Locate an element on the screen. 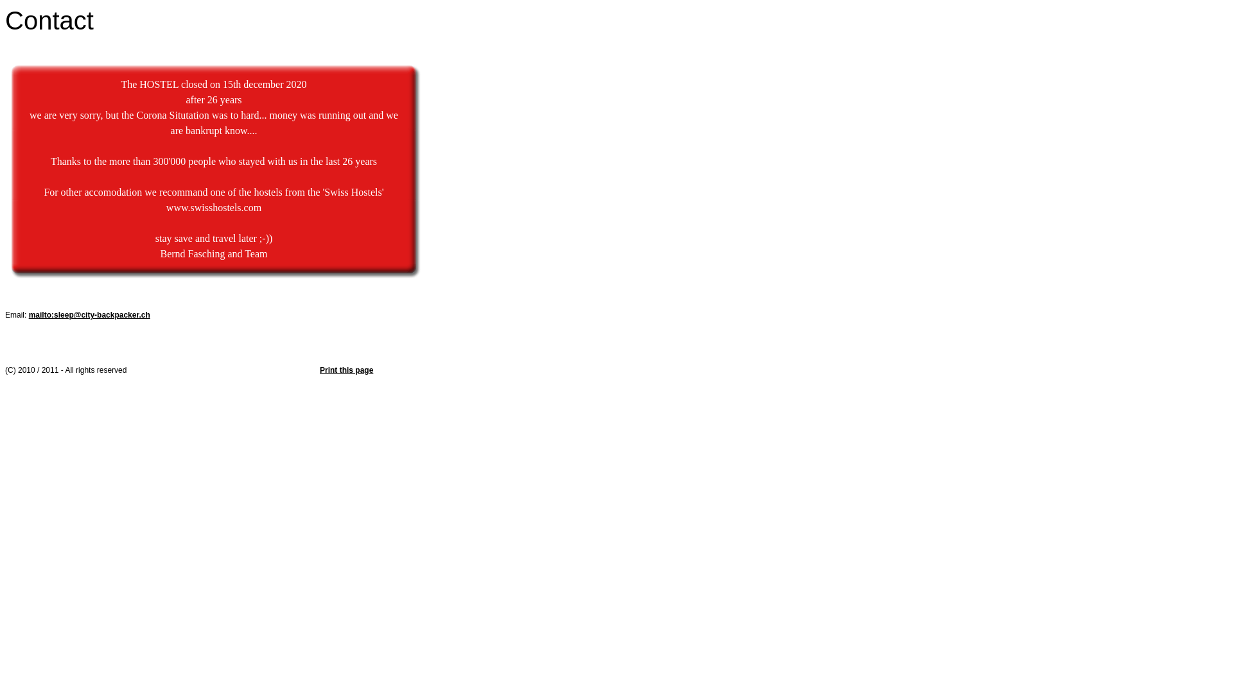 This screenshot has width=1233, height=693. 'Print this page' is located at coordinates (346, 370).